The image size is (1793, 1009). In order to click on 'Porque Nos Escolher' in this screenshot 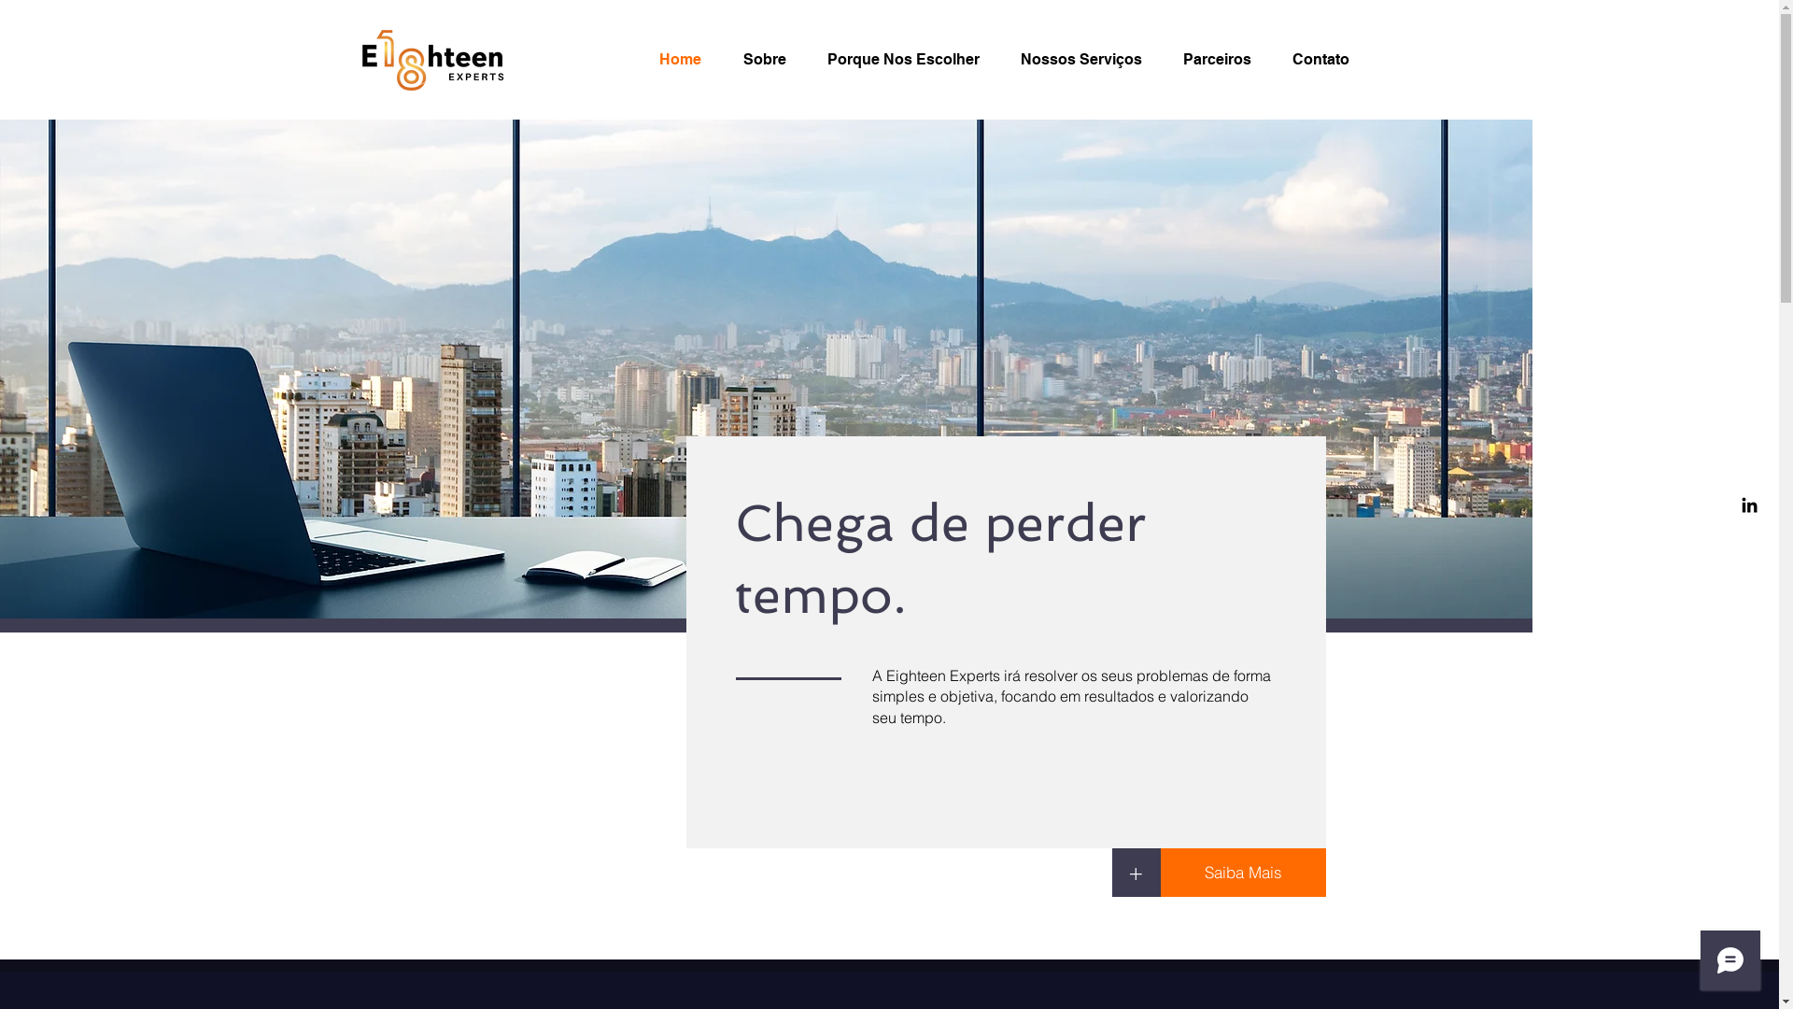, I will do `click(909, 59)`.